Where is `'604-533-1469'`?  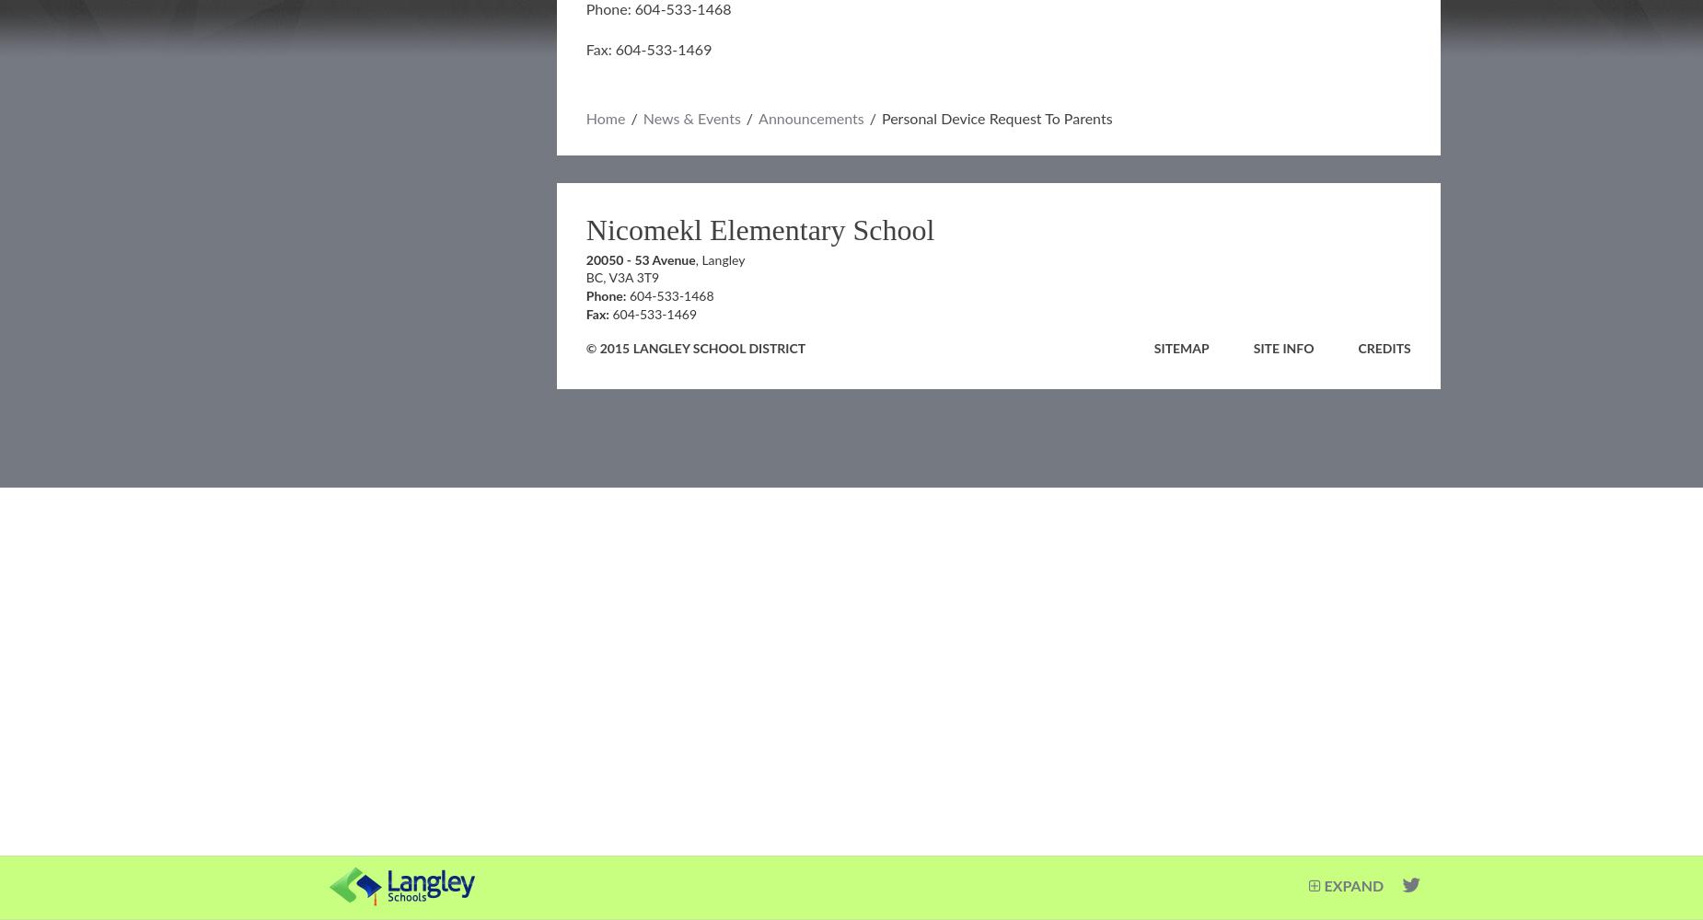 '604-533-1469' is located at coordinates (652, 314).